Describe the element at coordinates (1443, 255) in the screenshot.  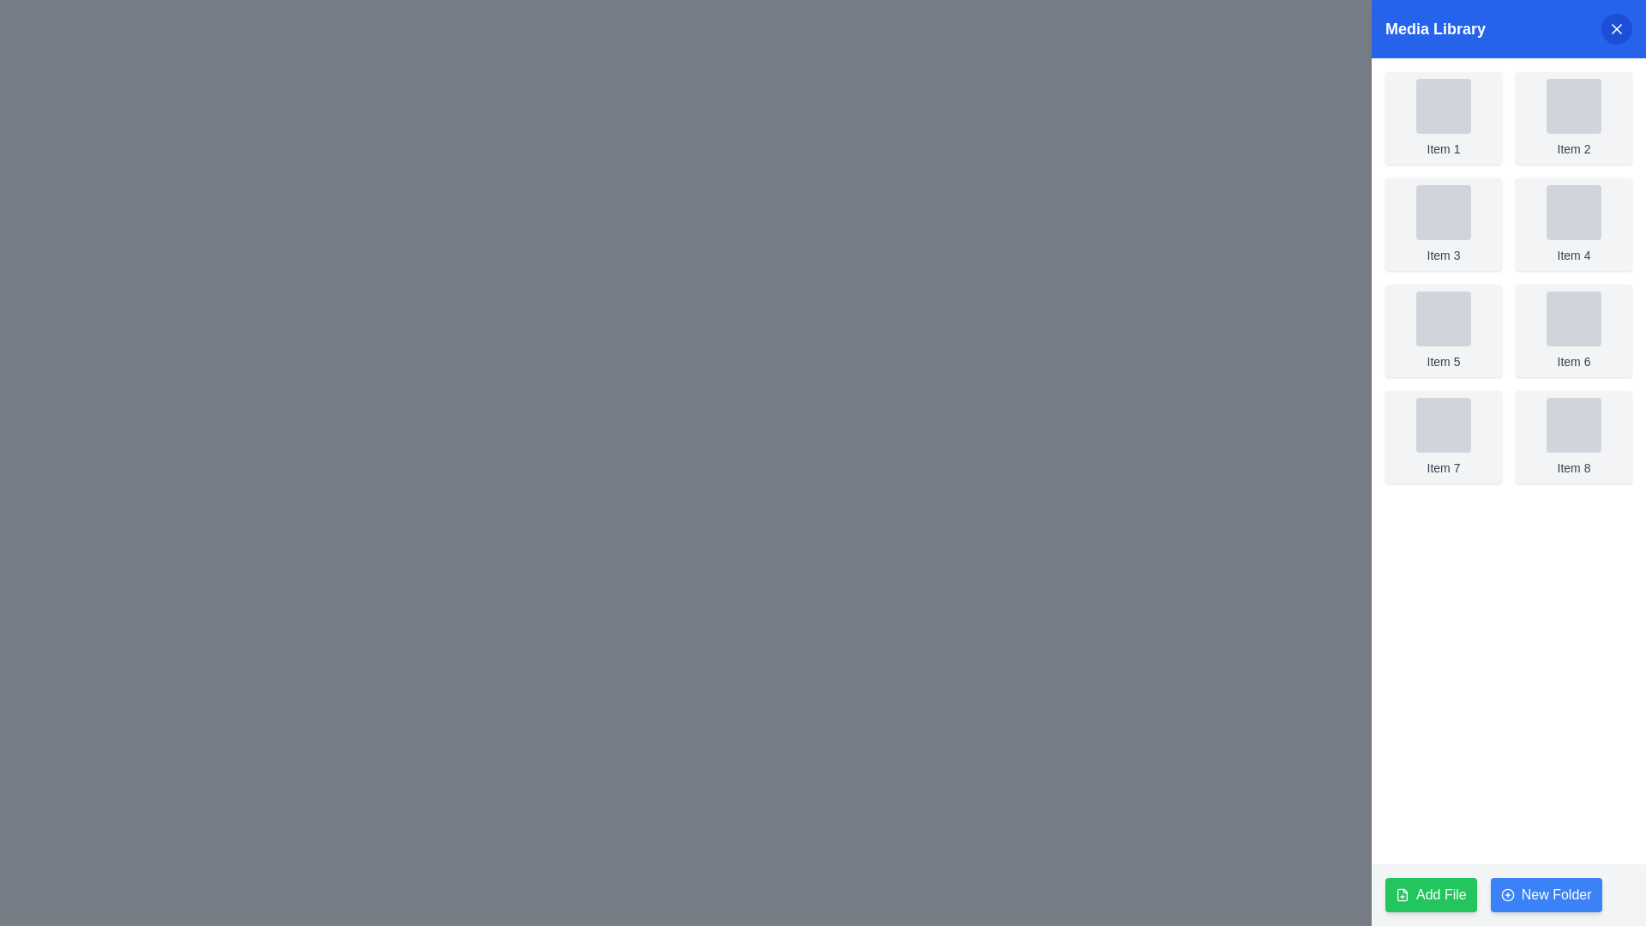
I see `the text label displaying 'Item 3', which is styled with a small-sized gray font and positioned below an image placeholder within a card in the top-right area of a grid layout` at that location.